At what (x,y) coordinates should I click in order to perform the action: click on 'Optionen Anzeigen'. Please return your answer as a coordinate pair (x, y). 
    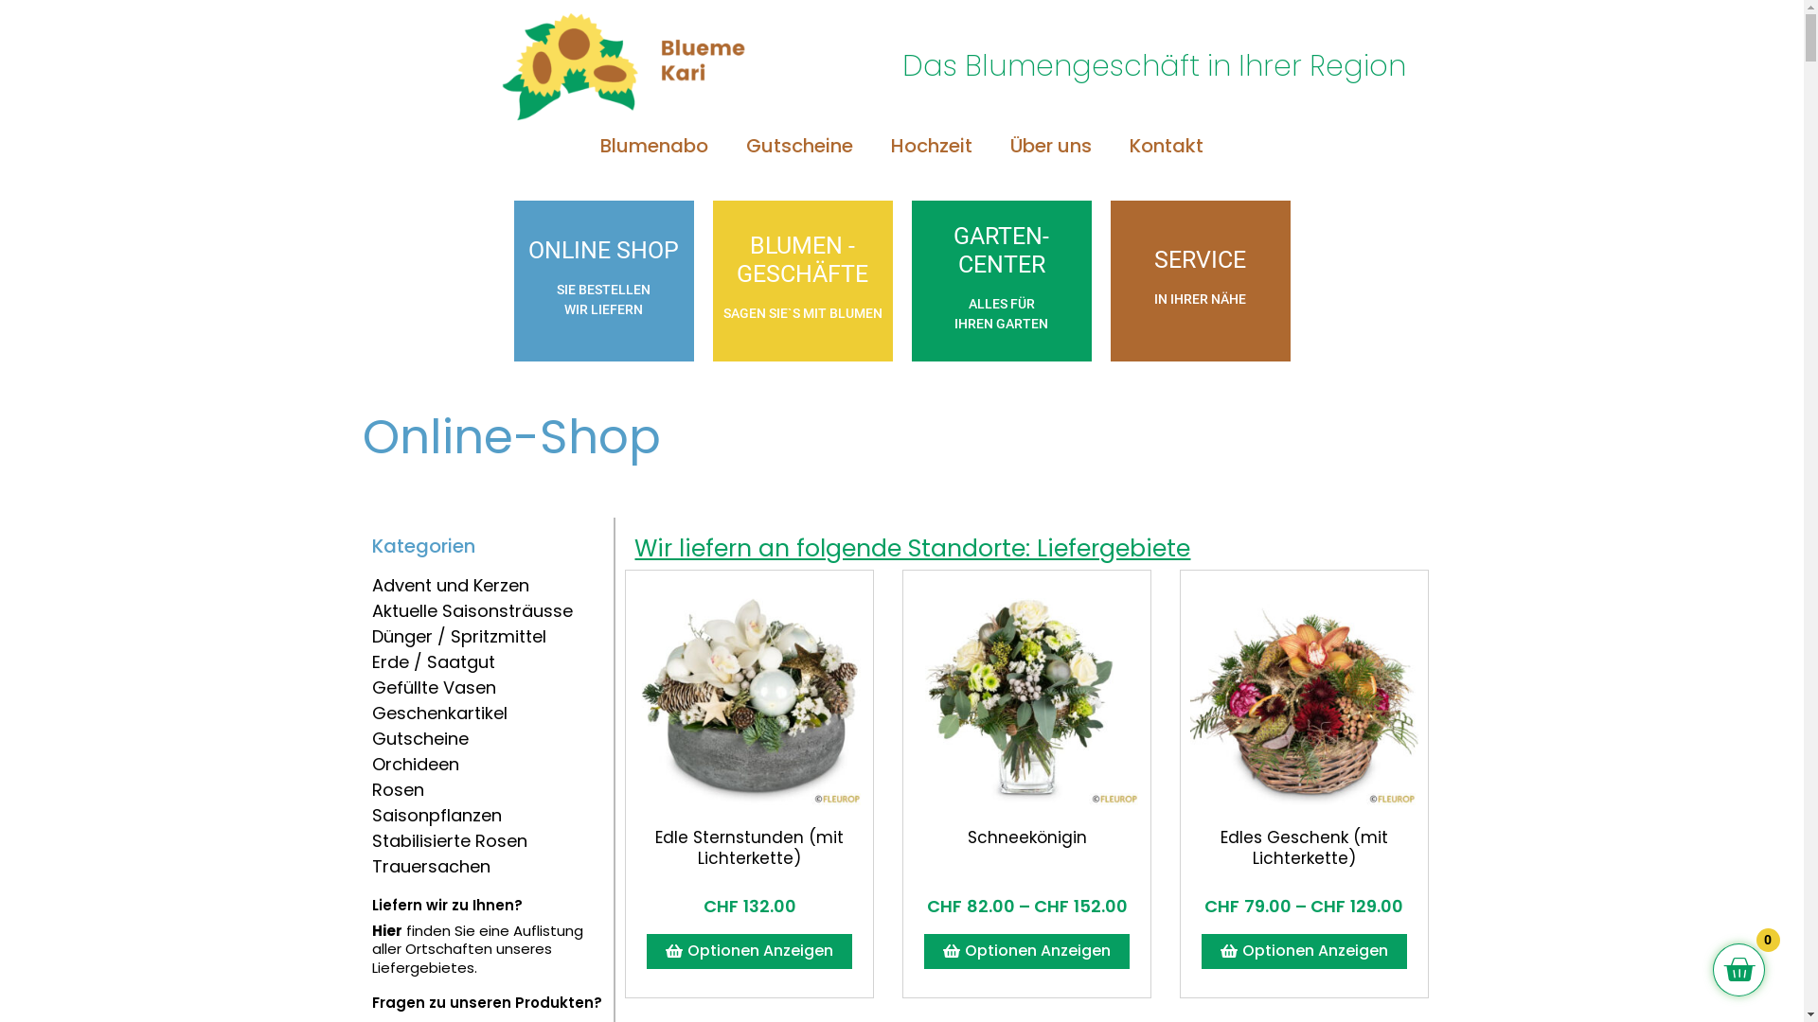
    Looking at the image, I should click on (1200, 951).